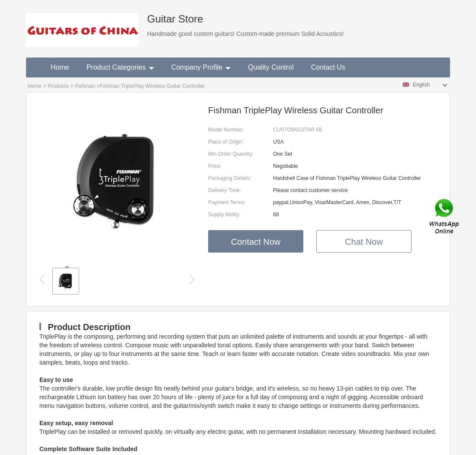 Image resolution: width=476 pixels, height=455 pixels. Describe the element at coordinates (56, 379) in the screenshot. I see `'Easy to use'` at that location.